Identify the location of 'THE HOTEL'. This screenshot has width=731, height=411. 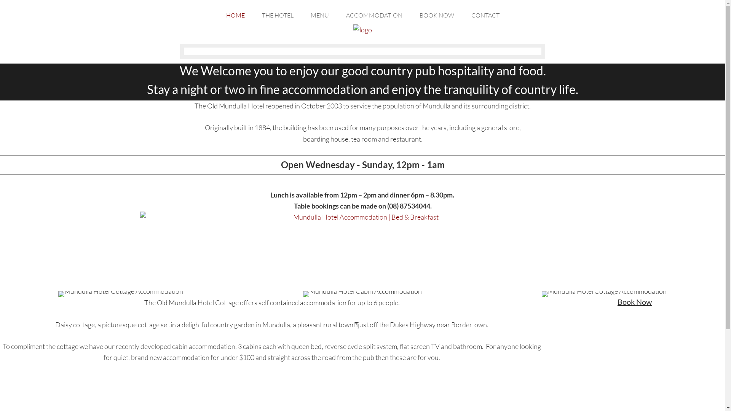
(277, 13).